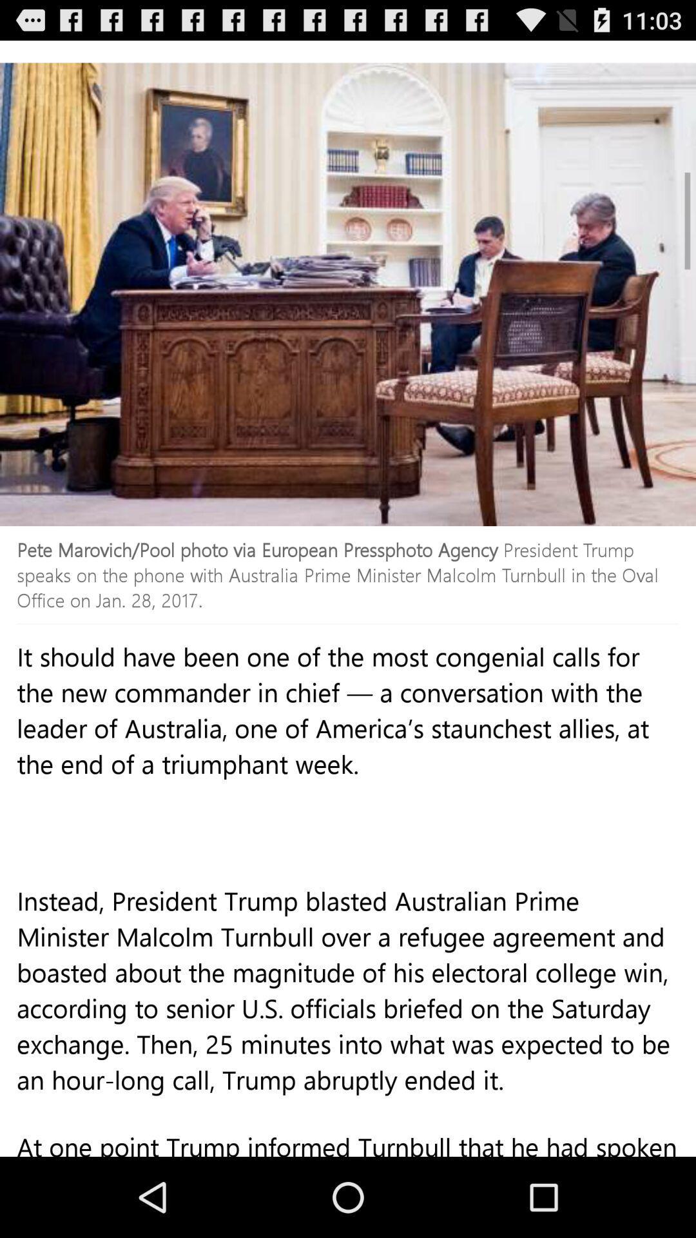 The height and width of the screenshot is (1238, 696). I want to click on it should have, so click(348, 772).